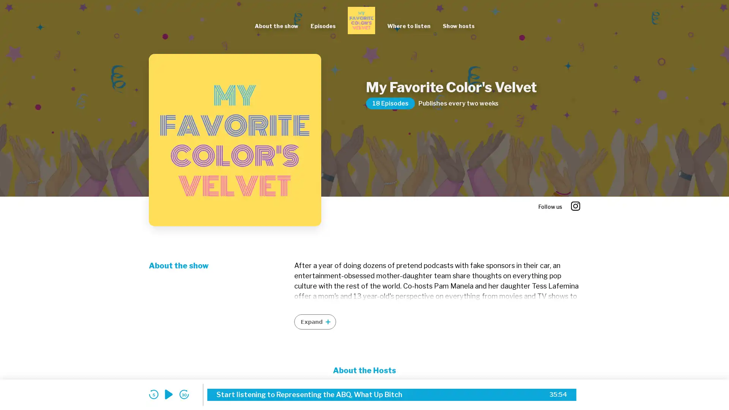  What do you see at coordinates (153, 394) in the screenshot?
I see `skip back 5 seconds` at bounding box center [153, 394].